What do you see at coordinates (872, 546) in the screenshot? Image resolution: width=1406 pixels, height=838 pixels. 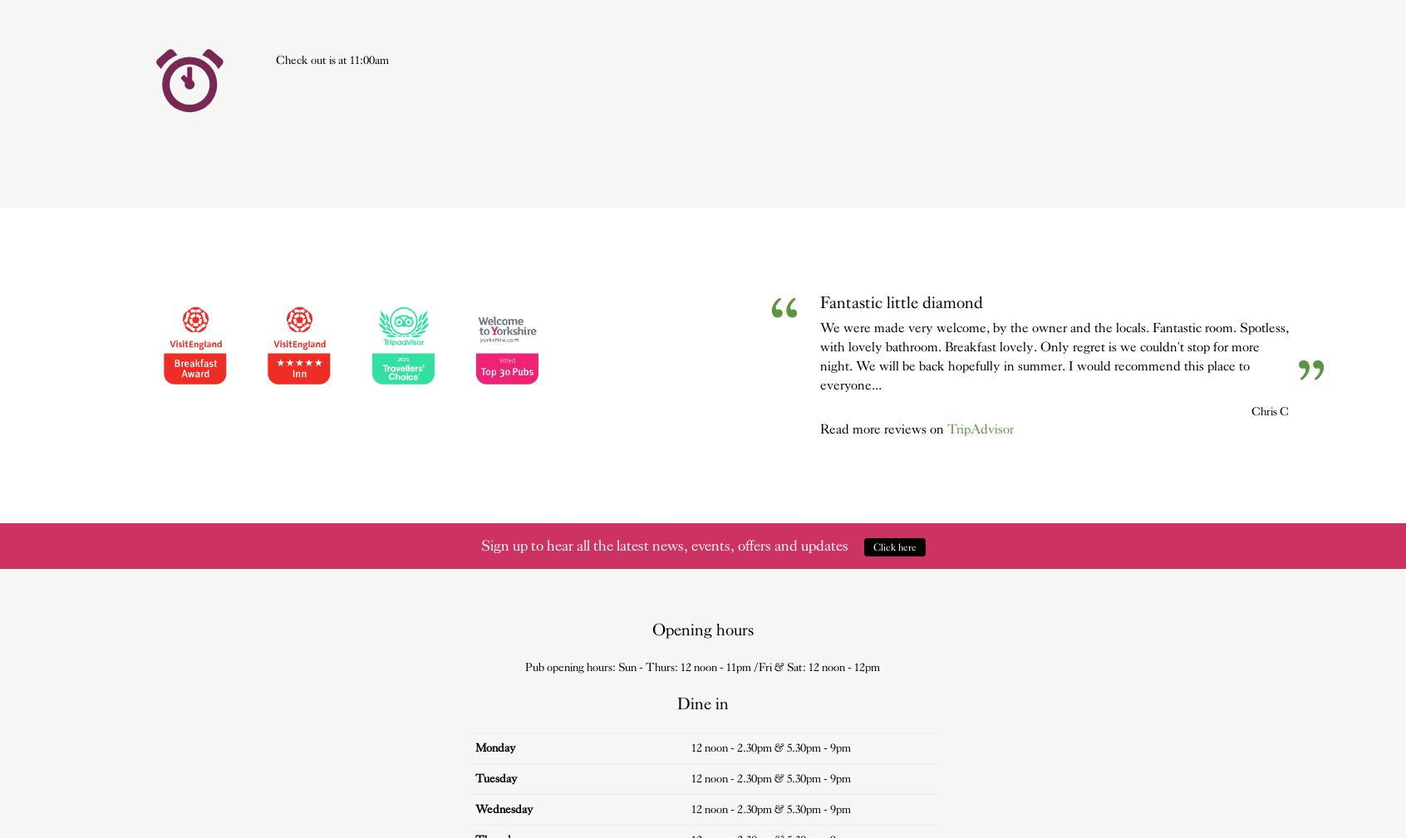 I see `'Click here'` at bounding box center [872, 546].